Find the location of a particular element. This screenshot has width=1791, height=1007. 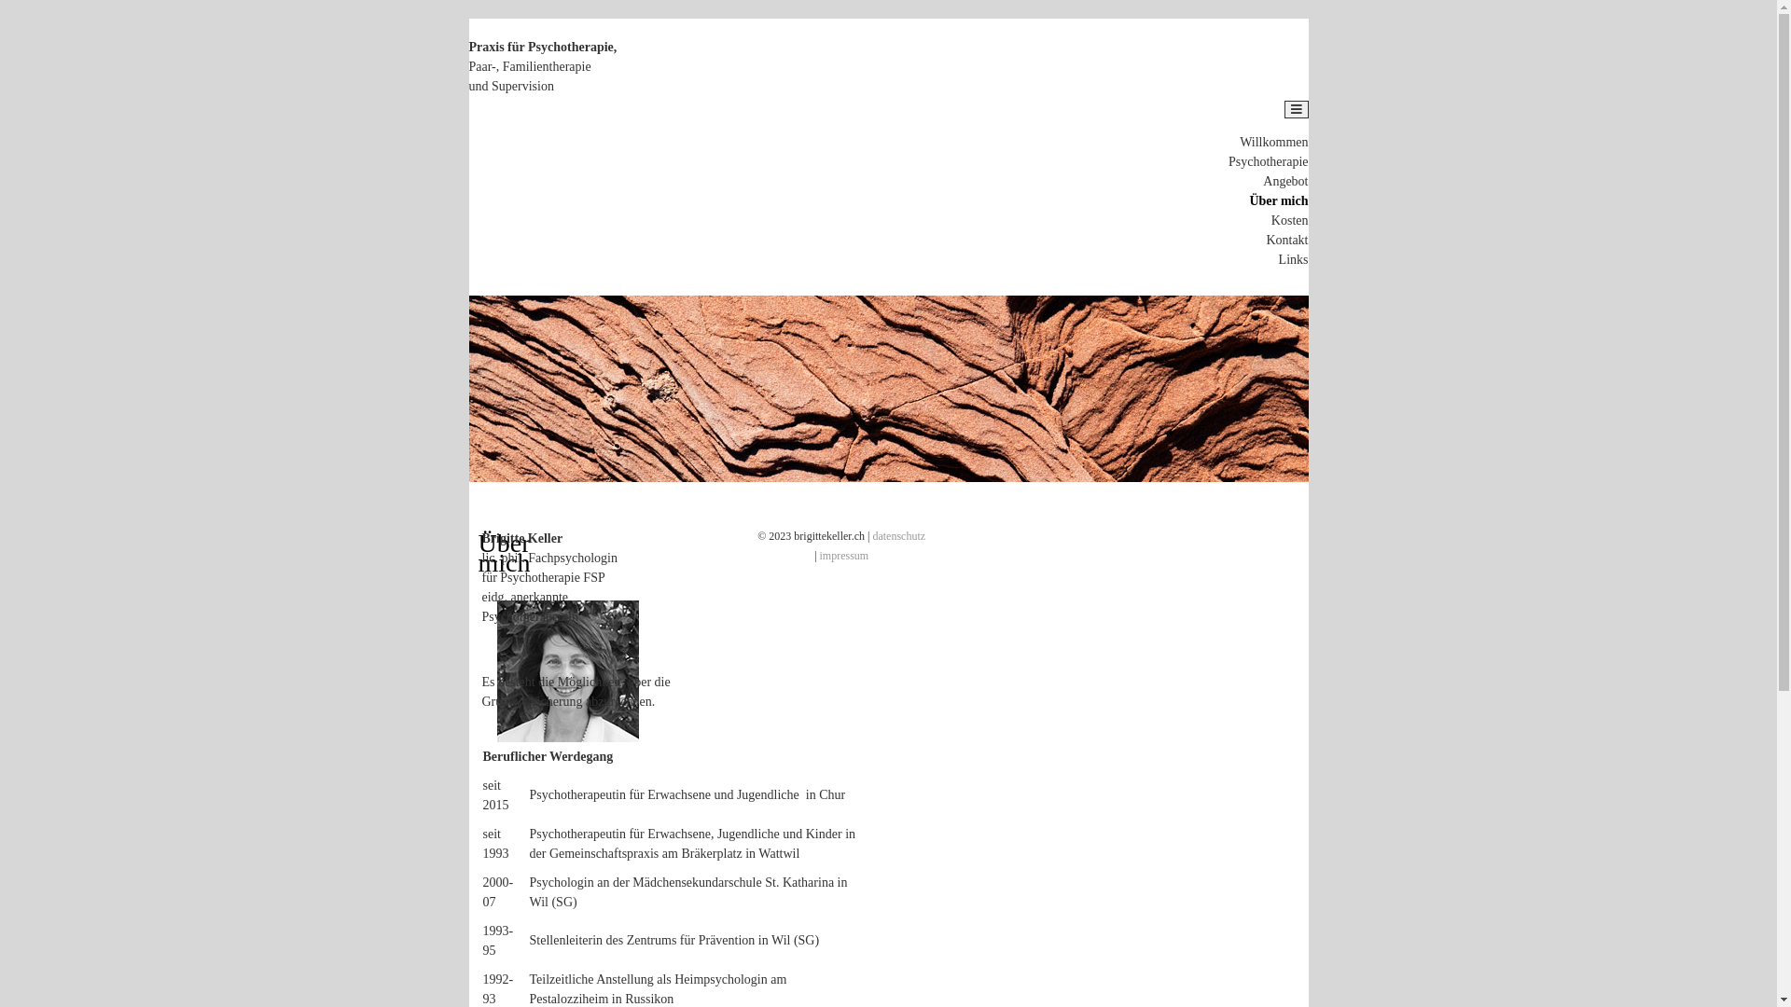

'Willkommen' is located at coordinates (1240, 141).